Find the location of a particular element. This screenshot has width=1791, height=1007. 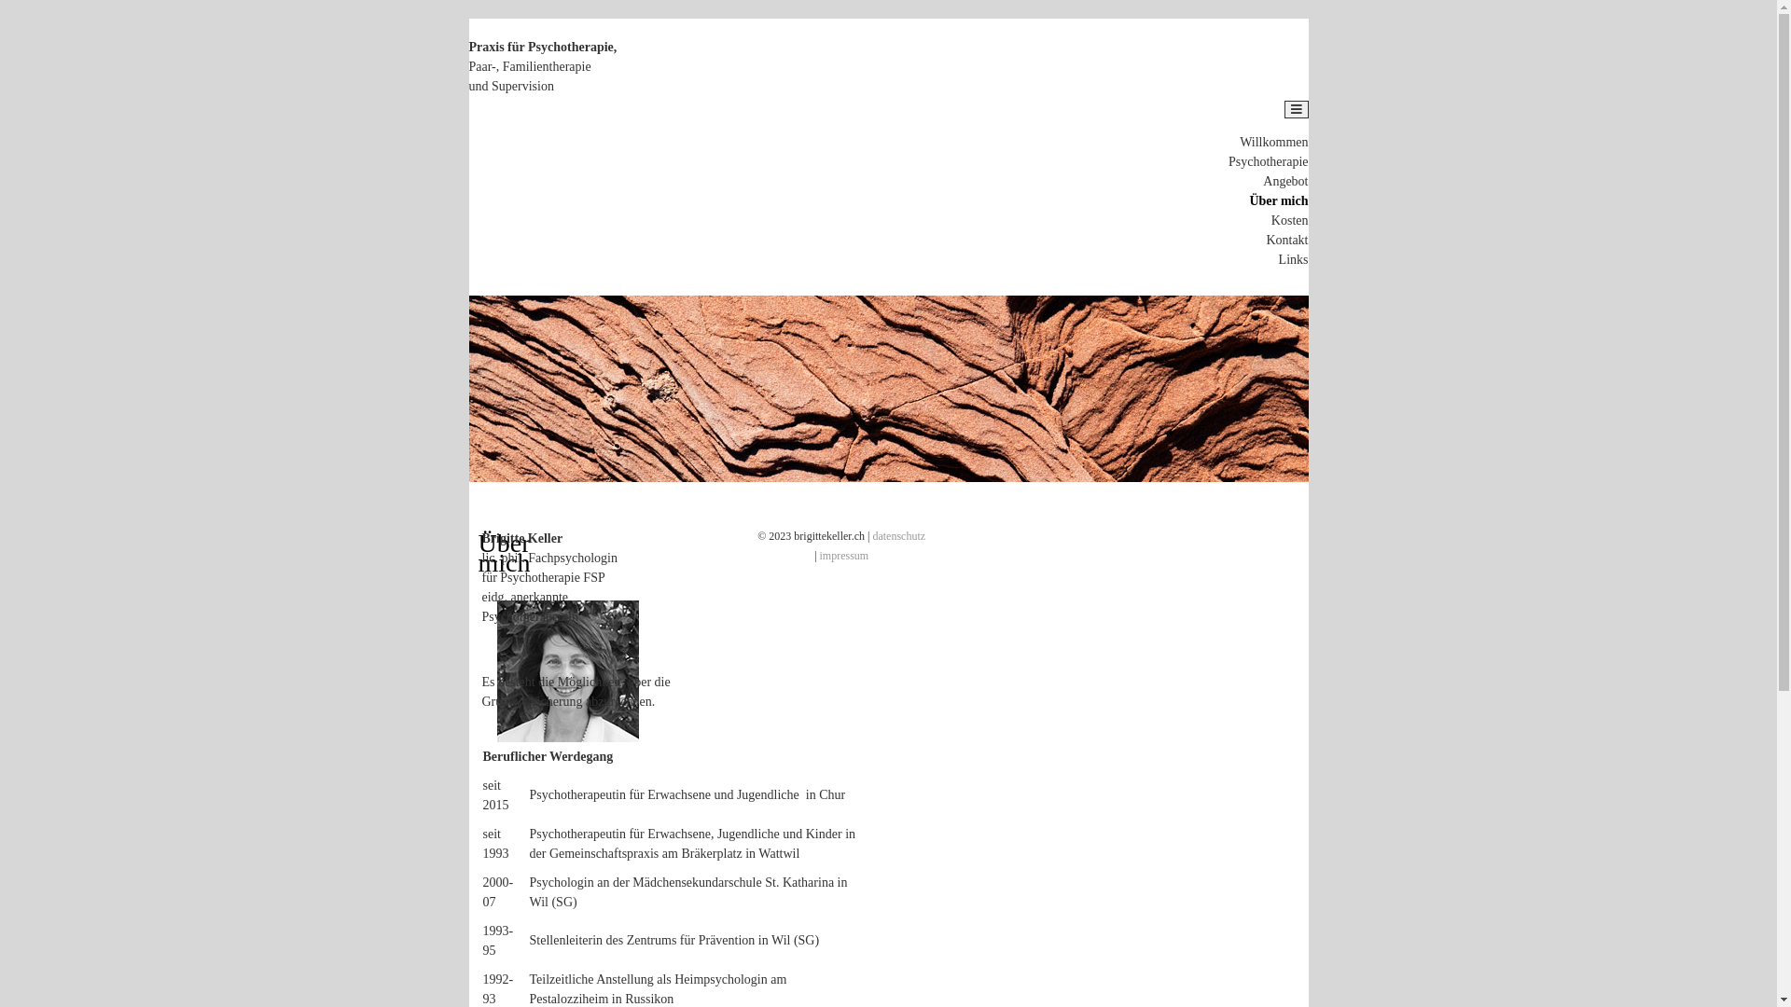

'Willkommen' is located at coordinates (1240, 141).